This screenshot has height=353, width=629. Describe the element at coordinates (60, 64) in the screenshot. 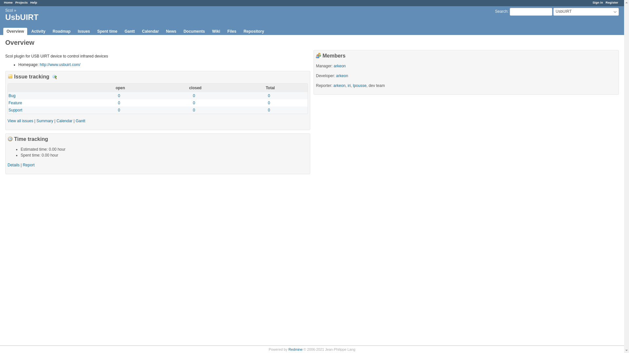

I see `'http://www.usbuirt.com/'` at that location.